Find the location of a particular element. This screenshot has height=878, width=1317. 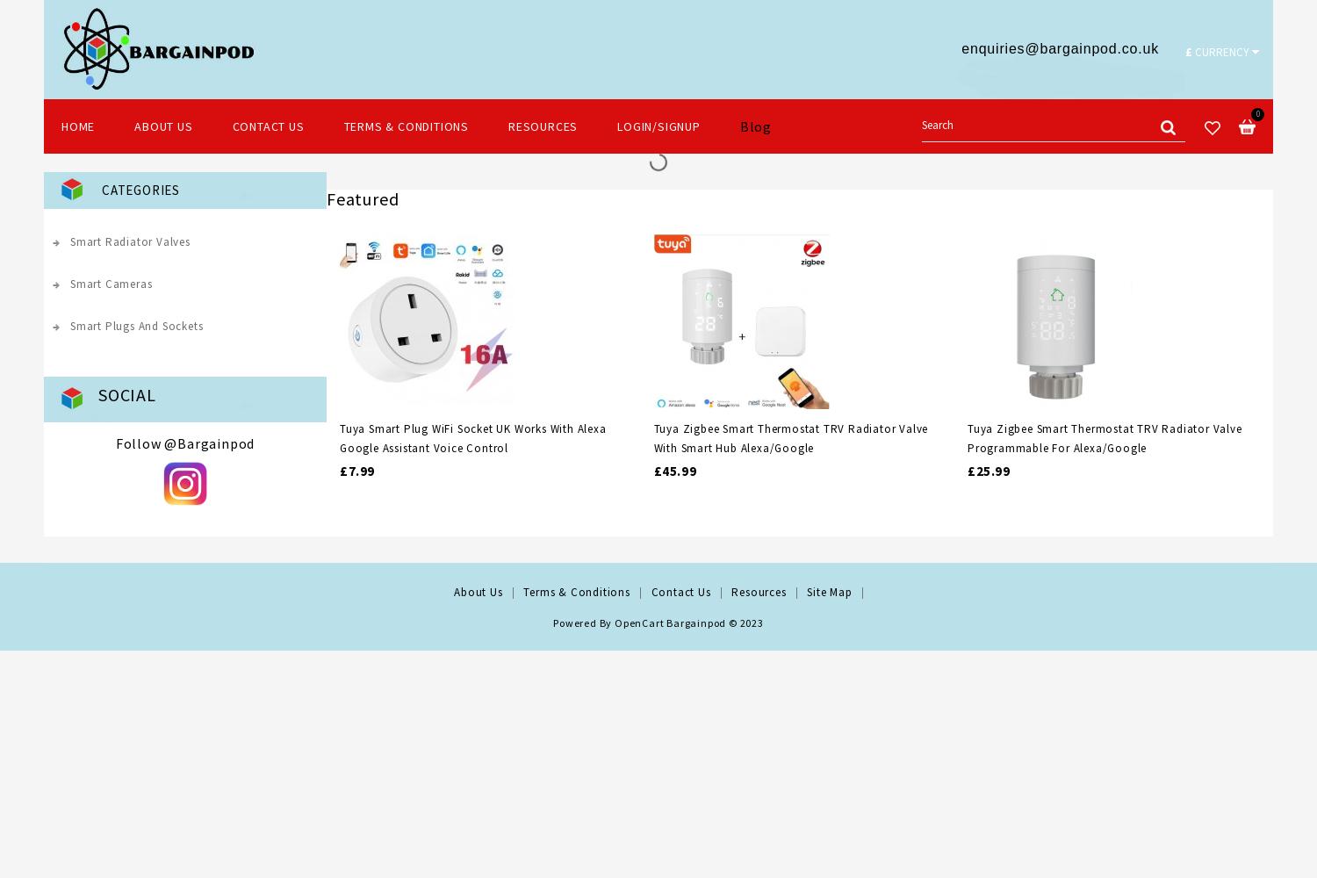

'Smart Radiator Valves' is located at coordinates (130, 241).